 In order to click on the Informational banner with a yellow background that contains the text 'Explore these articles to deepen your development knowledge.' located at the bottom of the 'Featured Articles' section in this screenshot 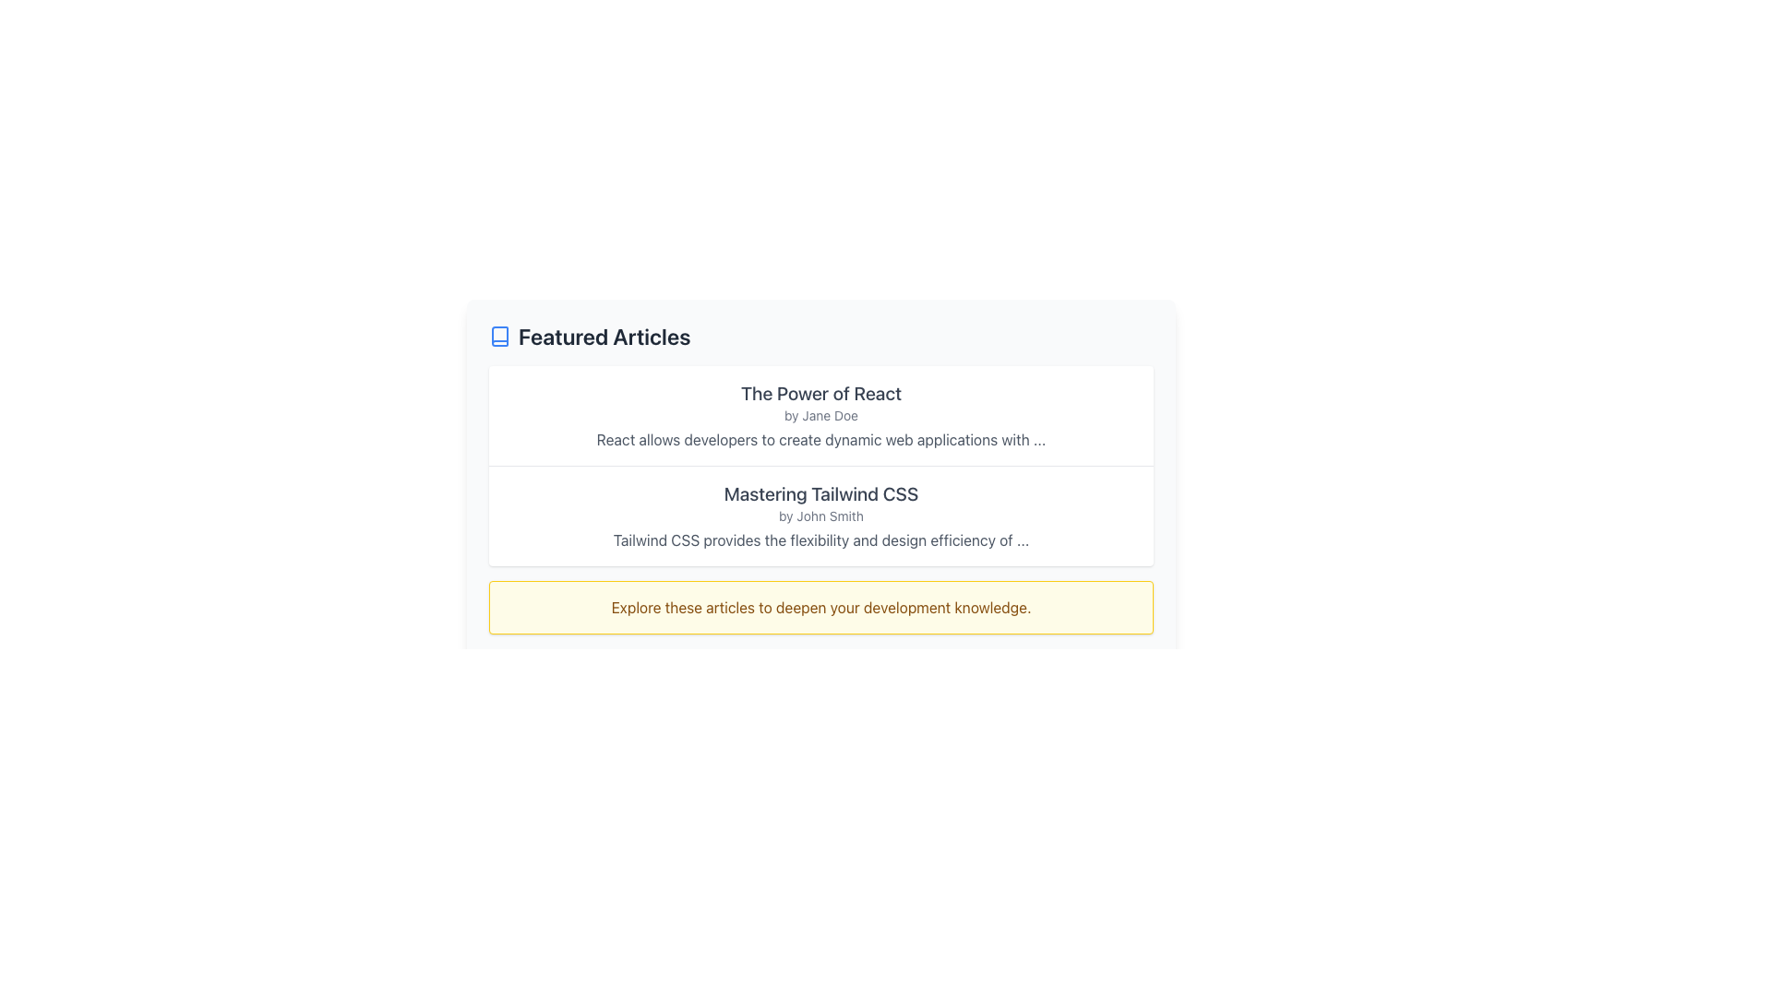, I will do `click(820, 608)`.